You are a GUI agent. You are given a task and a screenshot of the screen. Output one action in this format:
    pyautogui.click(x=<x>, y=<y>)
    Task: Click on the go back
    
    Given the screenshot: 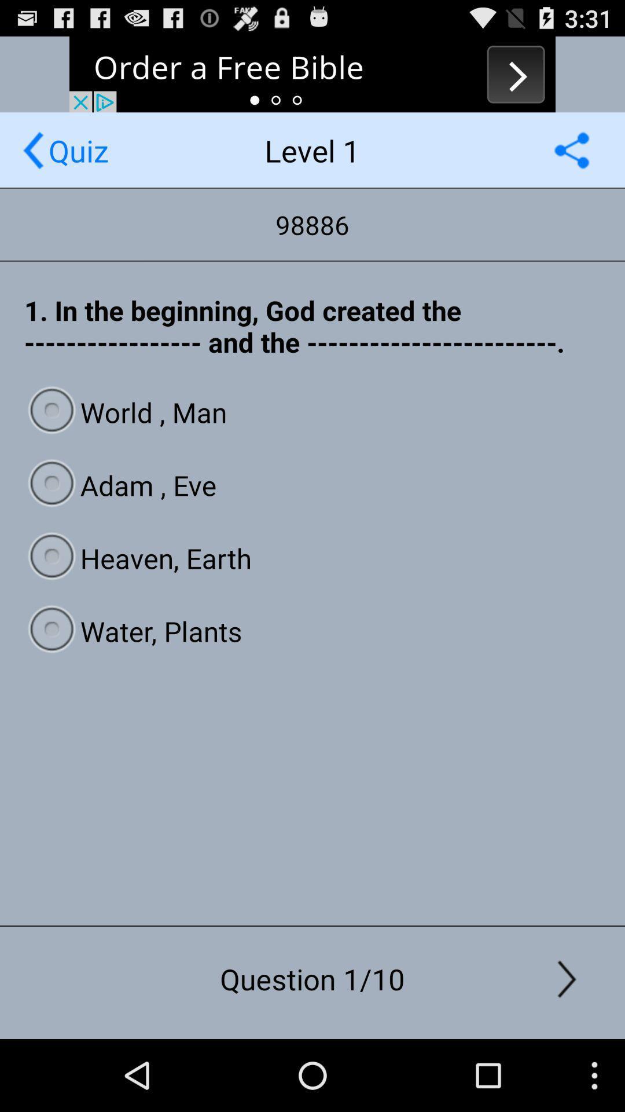 What is the action you would take?
    pyautogui.click(x=32, y=149)
    